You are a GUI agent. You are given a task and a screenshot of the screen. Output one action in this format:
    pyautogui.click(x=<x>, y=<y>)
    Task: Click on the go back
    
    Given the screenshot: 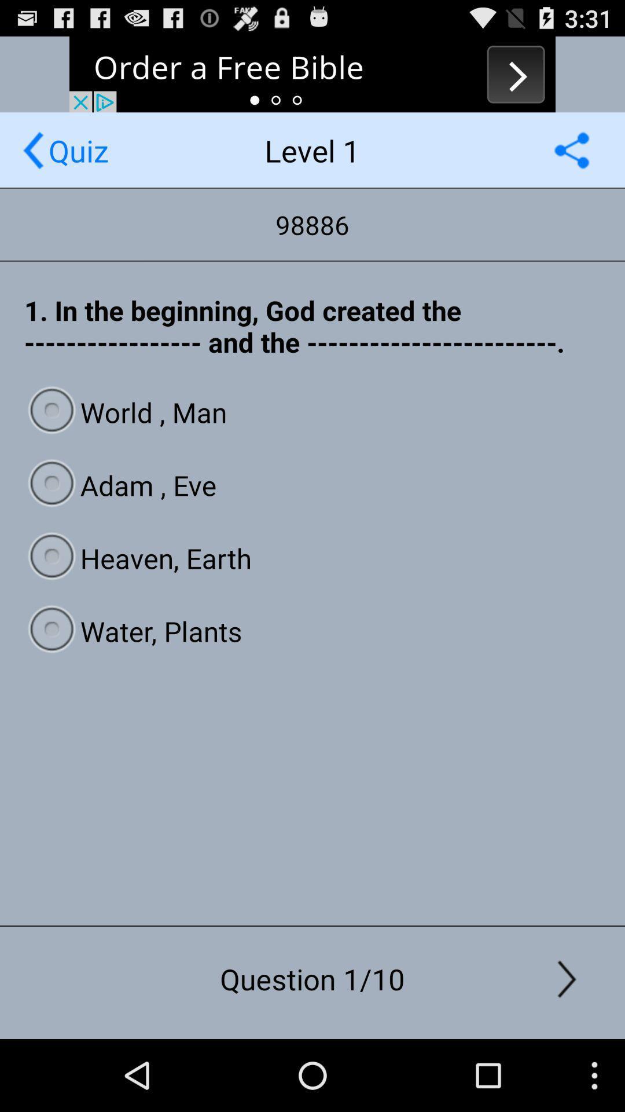 What is the action you would take?
    pyautogui.click(x=32, y=149)
    